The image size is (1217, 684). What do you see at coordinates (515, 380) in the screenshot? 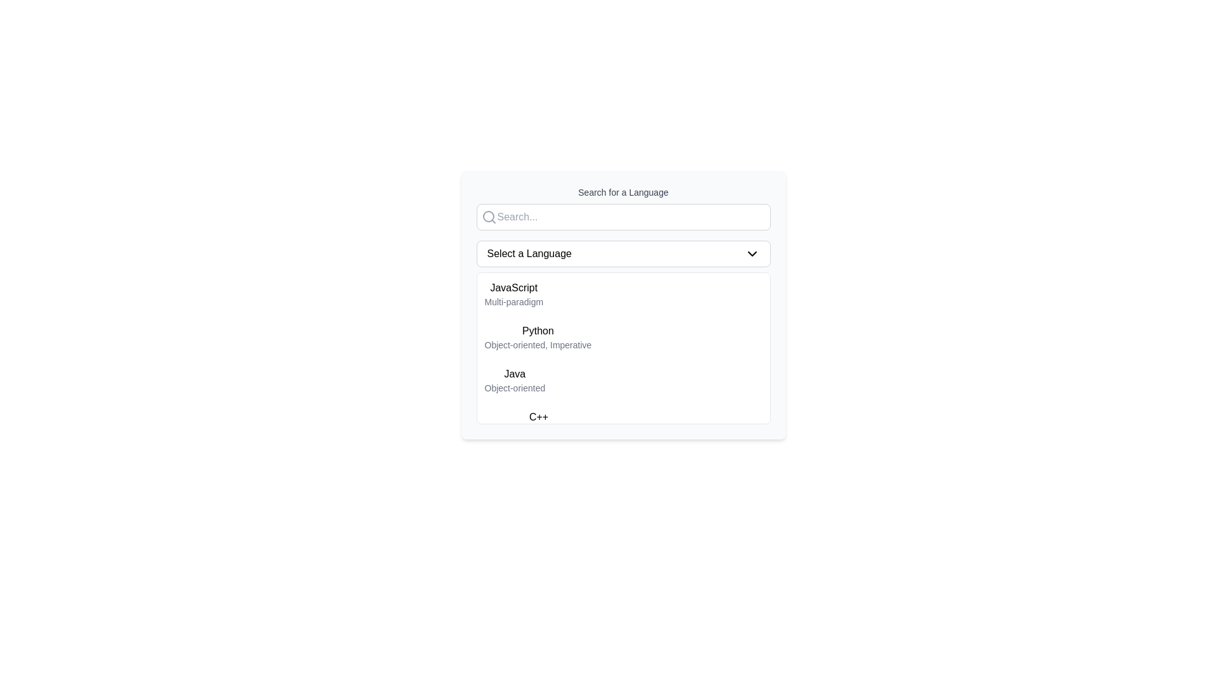
I see `the list item displaying 'Java' in a dropdown menu` at bounding box center [515, 380].